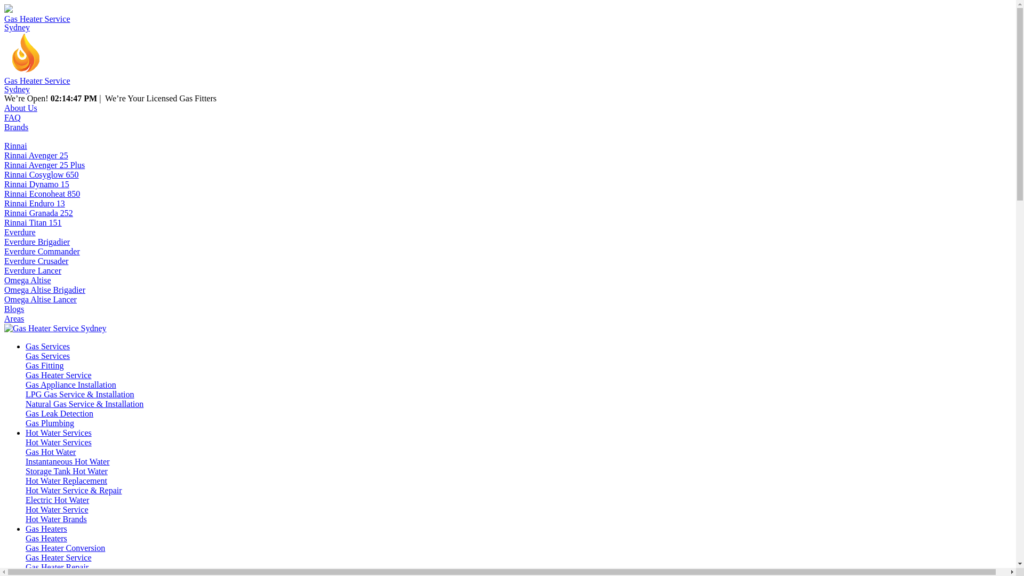 The width and height of the screenshot is (1024, 576). I want to click on 'Gas Hot Water', so click(50, 452).